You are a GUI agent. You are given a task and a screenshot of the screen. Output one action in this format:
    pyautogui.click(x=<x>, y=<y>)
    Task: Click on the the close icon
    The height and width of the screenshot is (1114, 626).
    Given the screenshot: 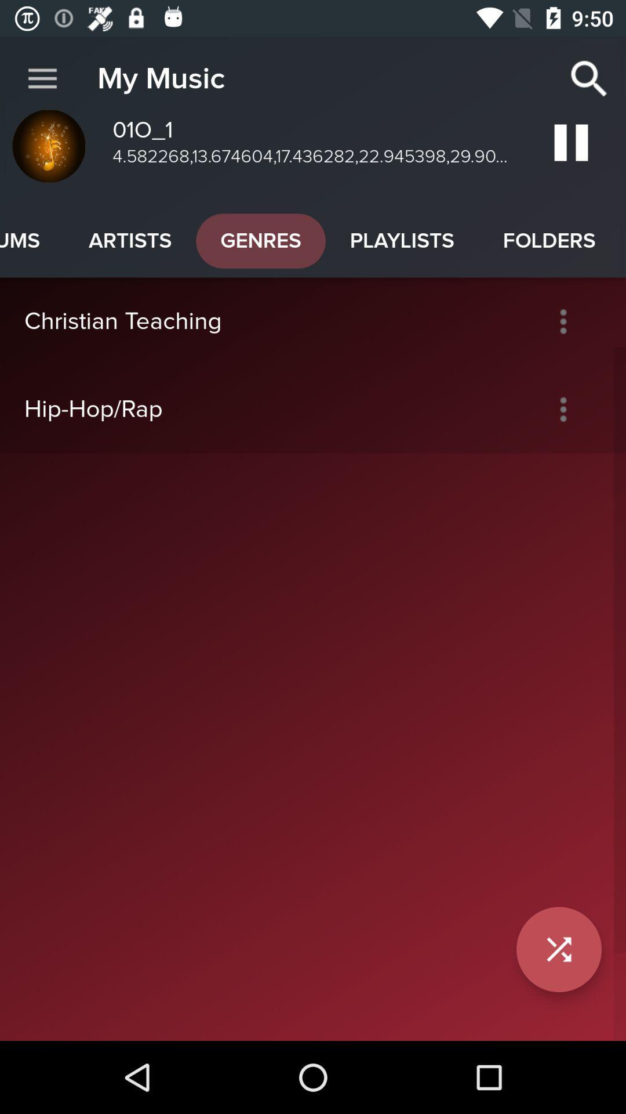 What is the action you would take?
    pyautogui.click(x=558, y=949)
    